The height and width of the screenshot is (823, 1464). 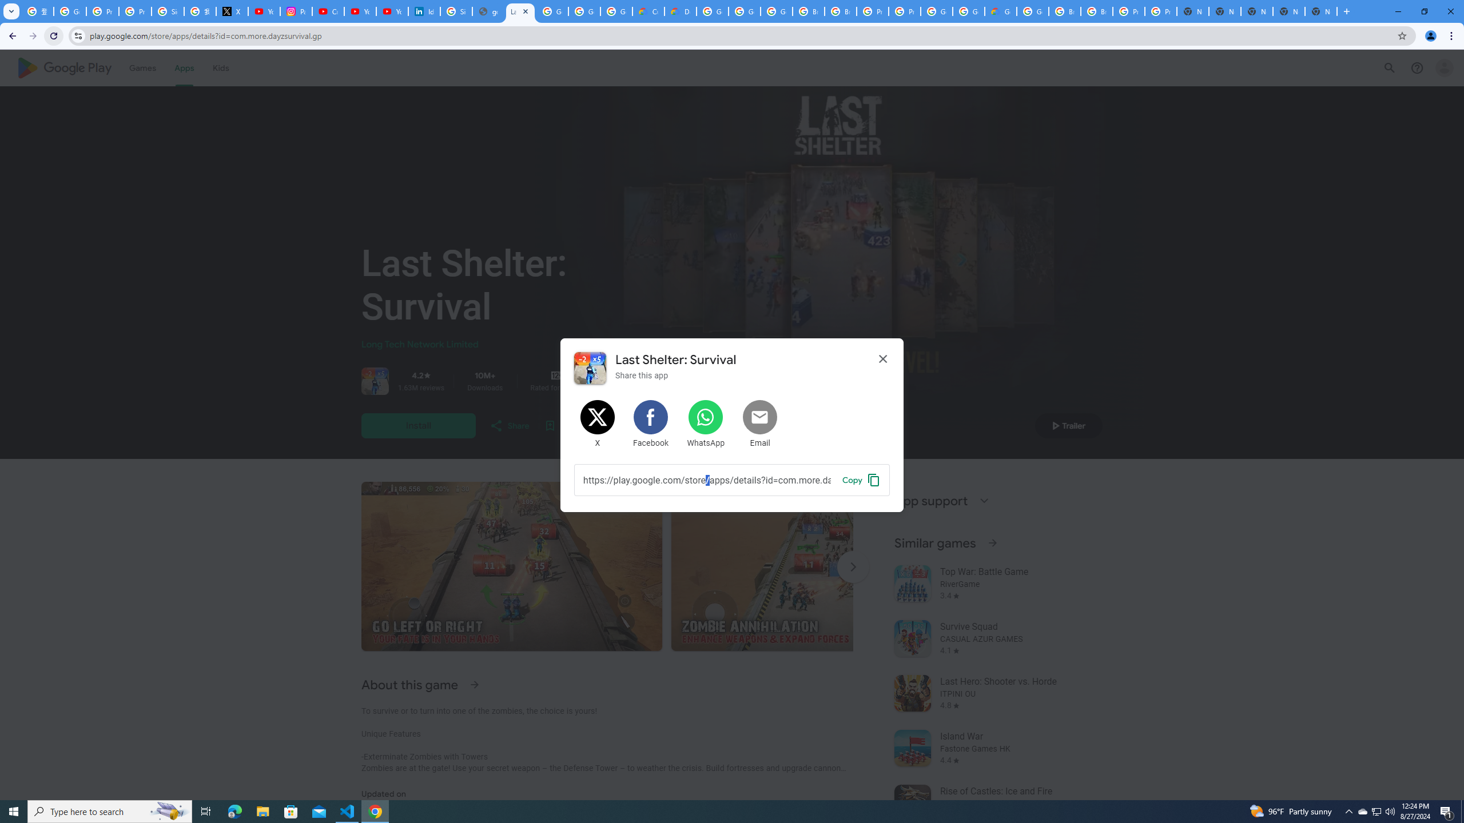 What do you see at coordinates (861, 479) in the screenshot?
I see `'Copy link to clipboard'` at bounding box center [861, 479].